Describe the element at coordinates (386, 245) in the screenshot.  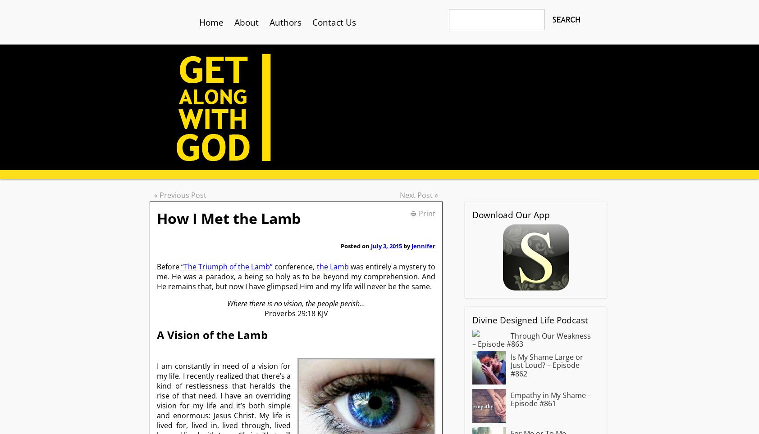
I see `'July 3, 2015'` at that location.